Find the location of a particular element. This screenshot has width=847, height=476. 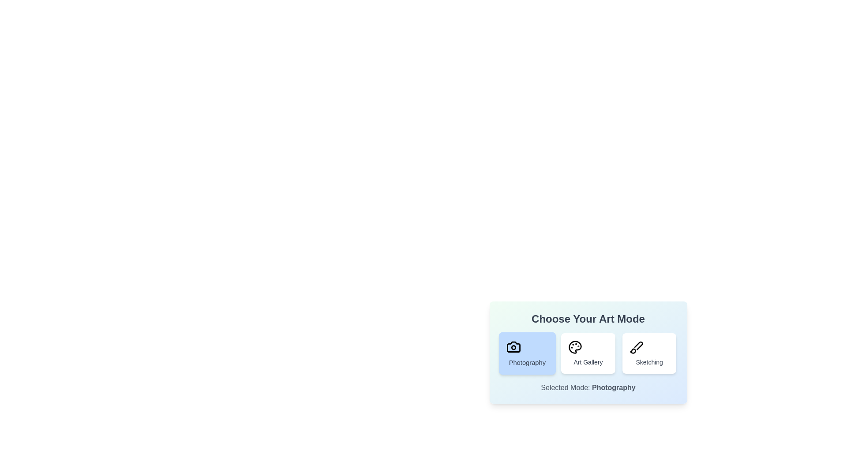

the button labeled Photography is located at coordinates (527, 353).